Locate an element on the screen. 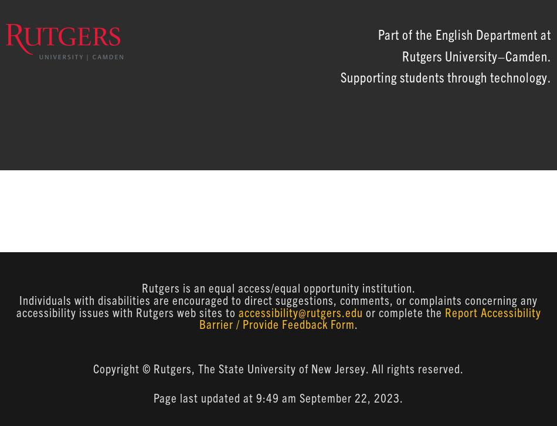  'Part of the English Department at' is located at coordinates (378, 33).